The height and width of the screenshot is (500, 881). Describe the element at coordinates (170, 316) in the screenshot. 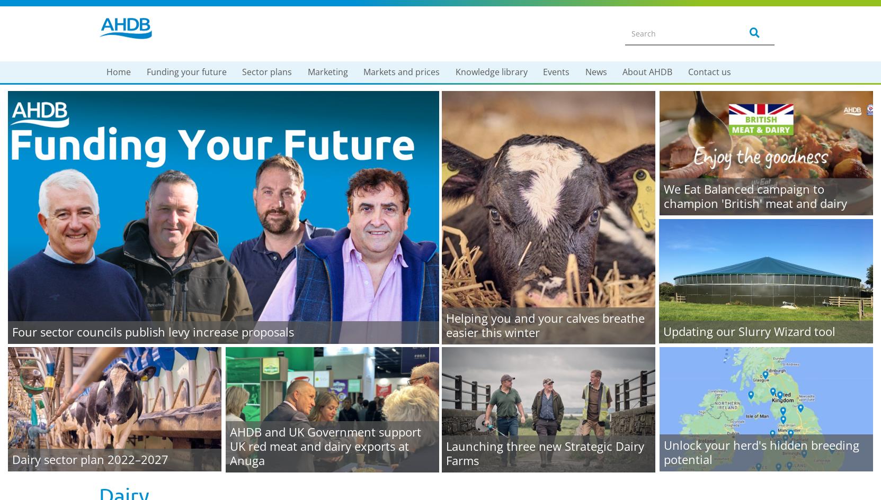

I see `'How calving at 24 months can reduce rearing costs significantly'` at that location.